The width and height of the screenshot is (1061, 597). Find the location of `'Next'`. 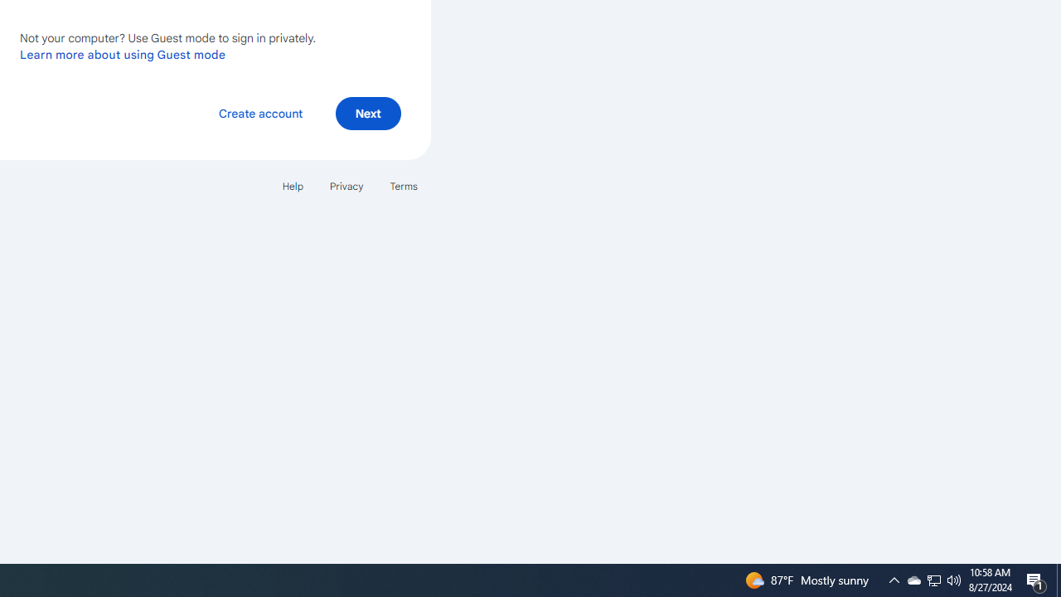

'Next' is located at coordinates (367, 112).